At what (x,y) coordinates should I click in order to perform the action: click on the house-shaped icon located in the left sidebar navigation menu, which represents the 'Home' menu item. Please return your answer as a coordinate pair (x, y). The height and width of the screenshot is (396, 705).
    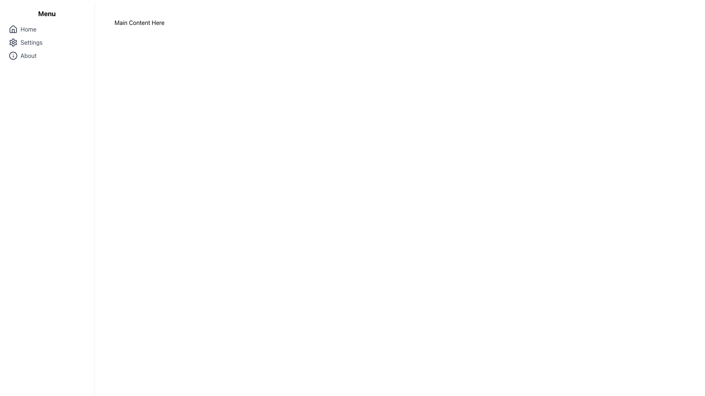
    Looking at the image, I should click on (13, 28).